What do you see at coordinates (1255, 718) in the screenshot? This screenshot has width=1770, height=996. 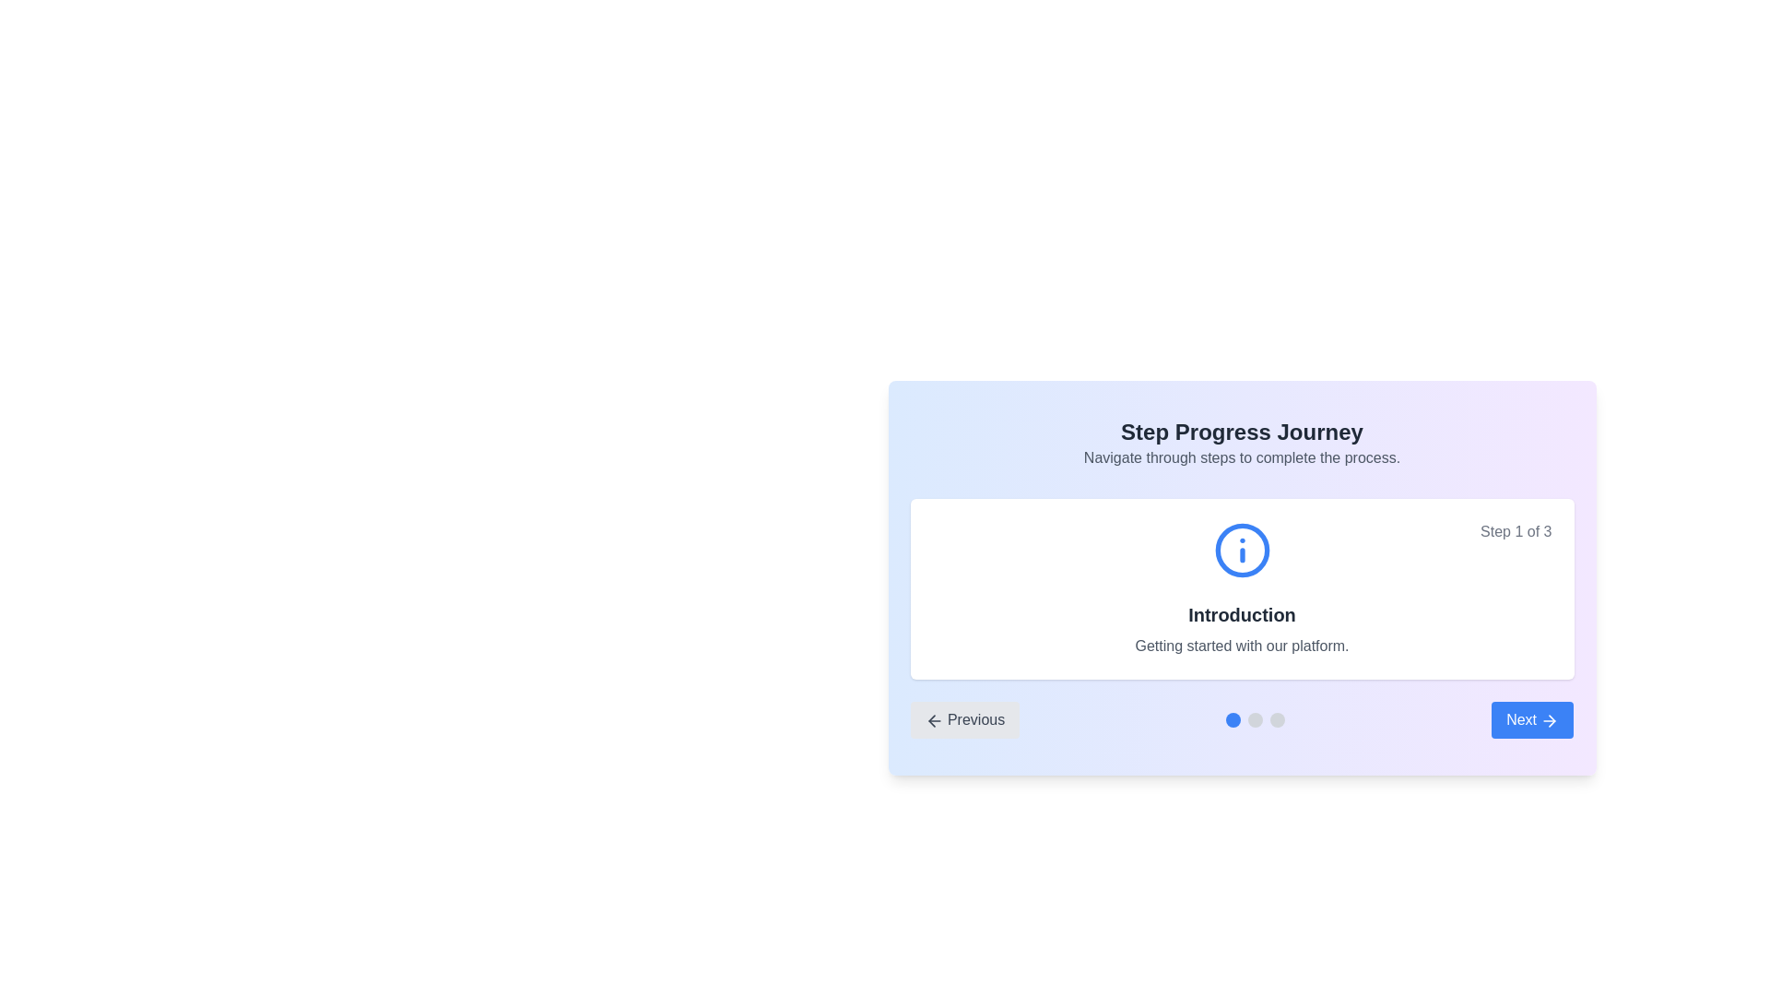 I see `the progress indicator composed of circular status icons` at bounding box center [1255, 718].